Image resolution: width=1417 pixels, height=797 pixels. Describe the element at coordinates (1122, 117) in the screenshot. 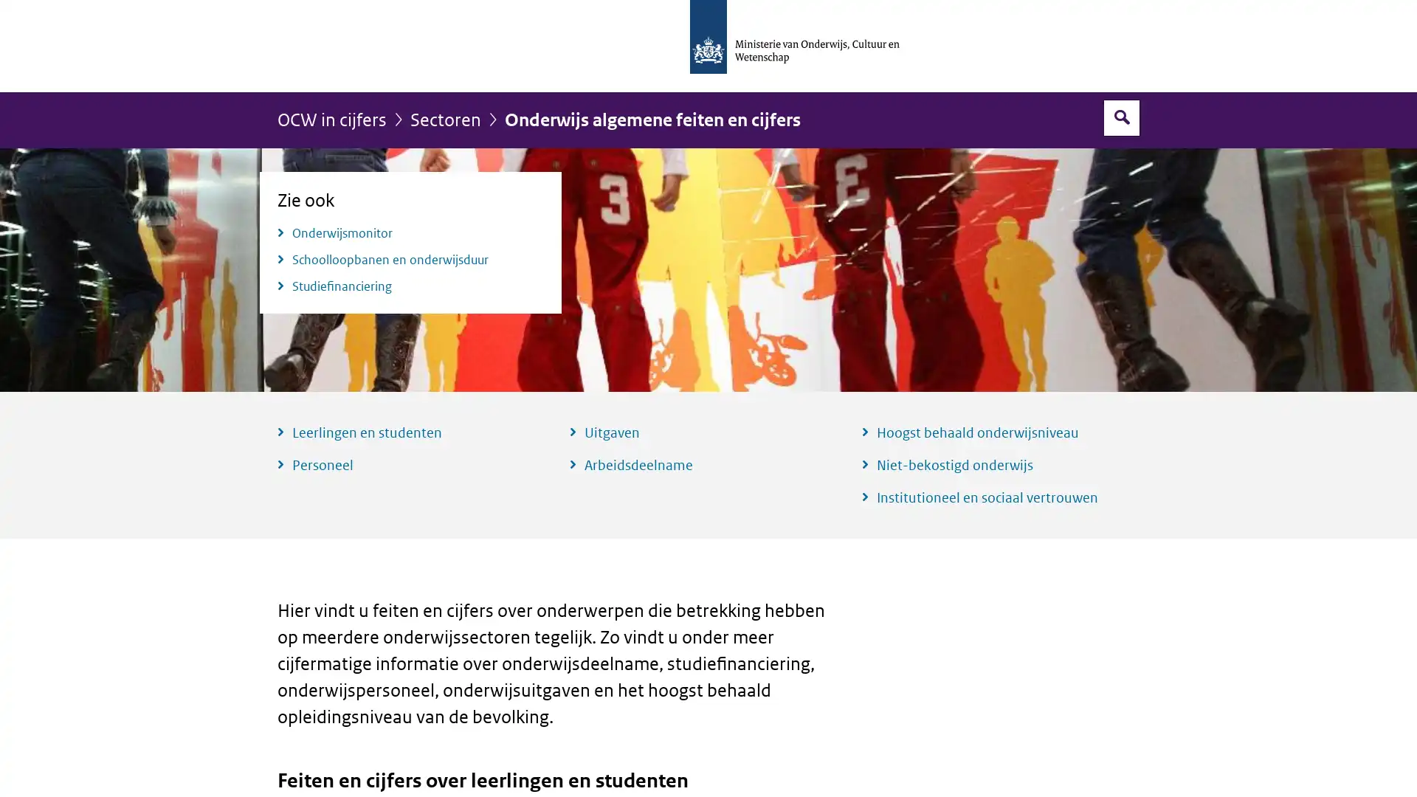

I see `Open zoekveld` at that location.